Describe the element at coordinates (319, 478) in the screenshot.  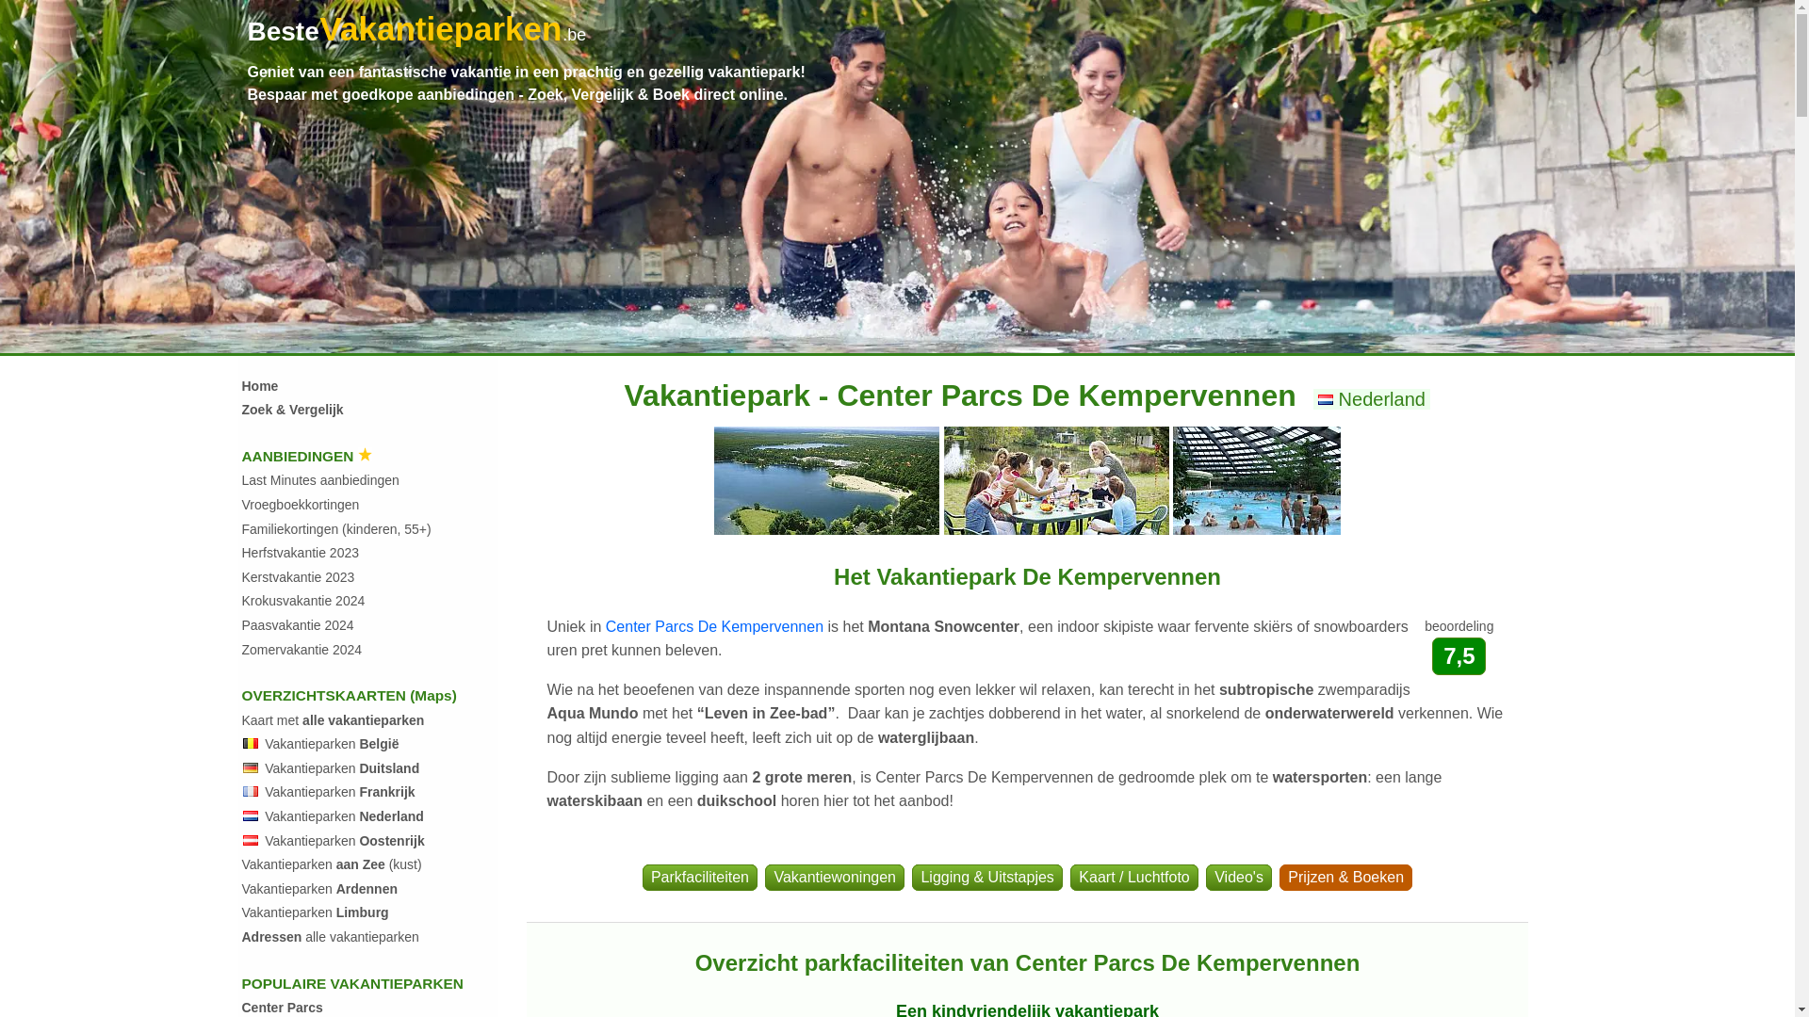
I see `'Last Minutes aanbiedingen'` at that location.